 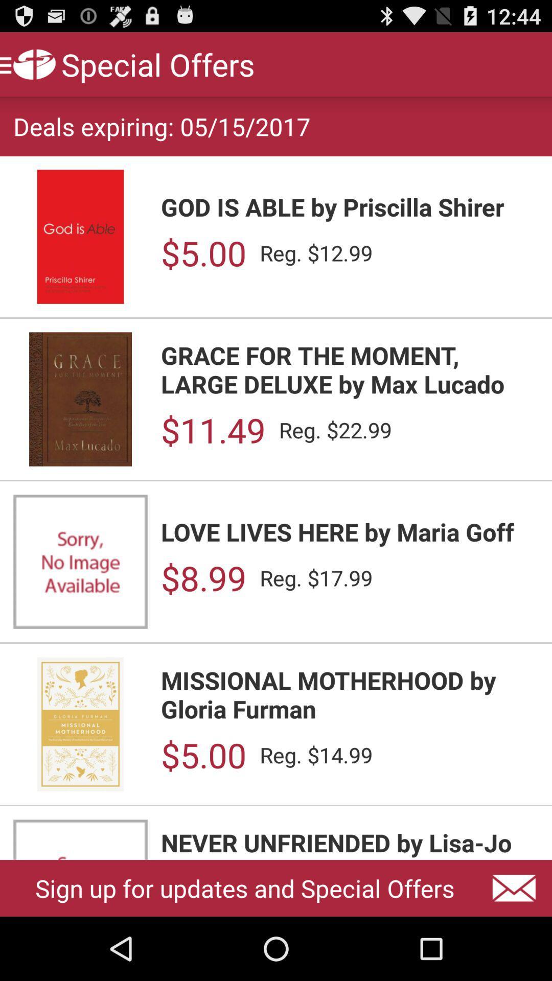 I want to click on the $11.49 app, so click(x=213, y=430).